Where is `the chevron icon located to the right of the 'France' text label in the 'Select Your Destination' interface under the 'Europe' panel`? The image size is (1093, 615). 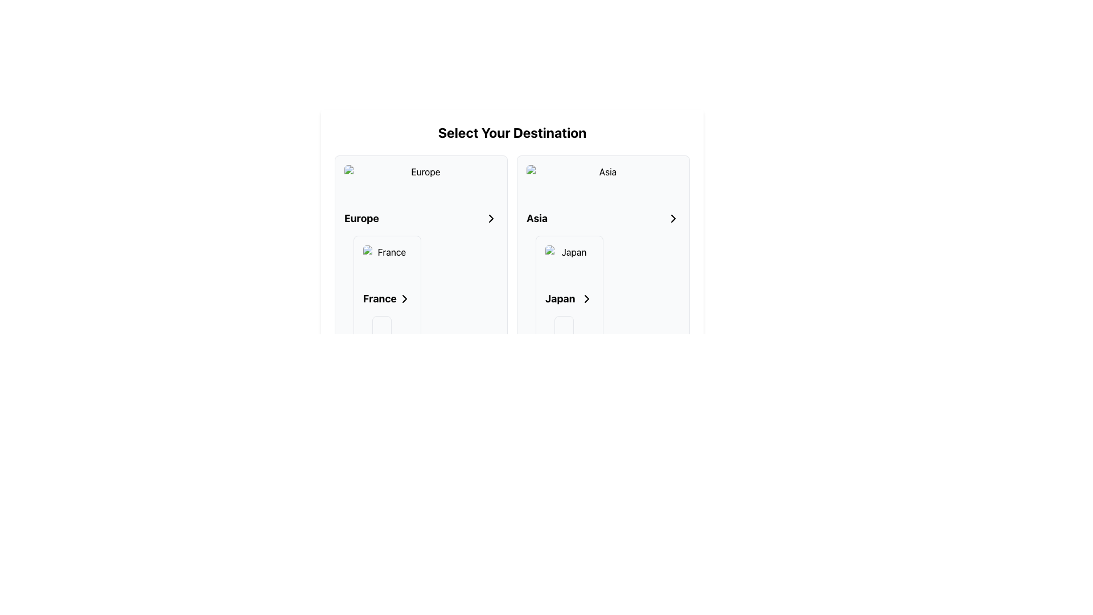
the chevron icon located to the right of the 'France' text label in the 'Select Your Destination' interface under the 'Europe' panel is located at coordinates (404, 298).